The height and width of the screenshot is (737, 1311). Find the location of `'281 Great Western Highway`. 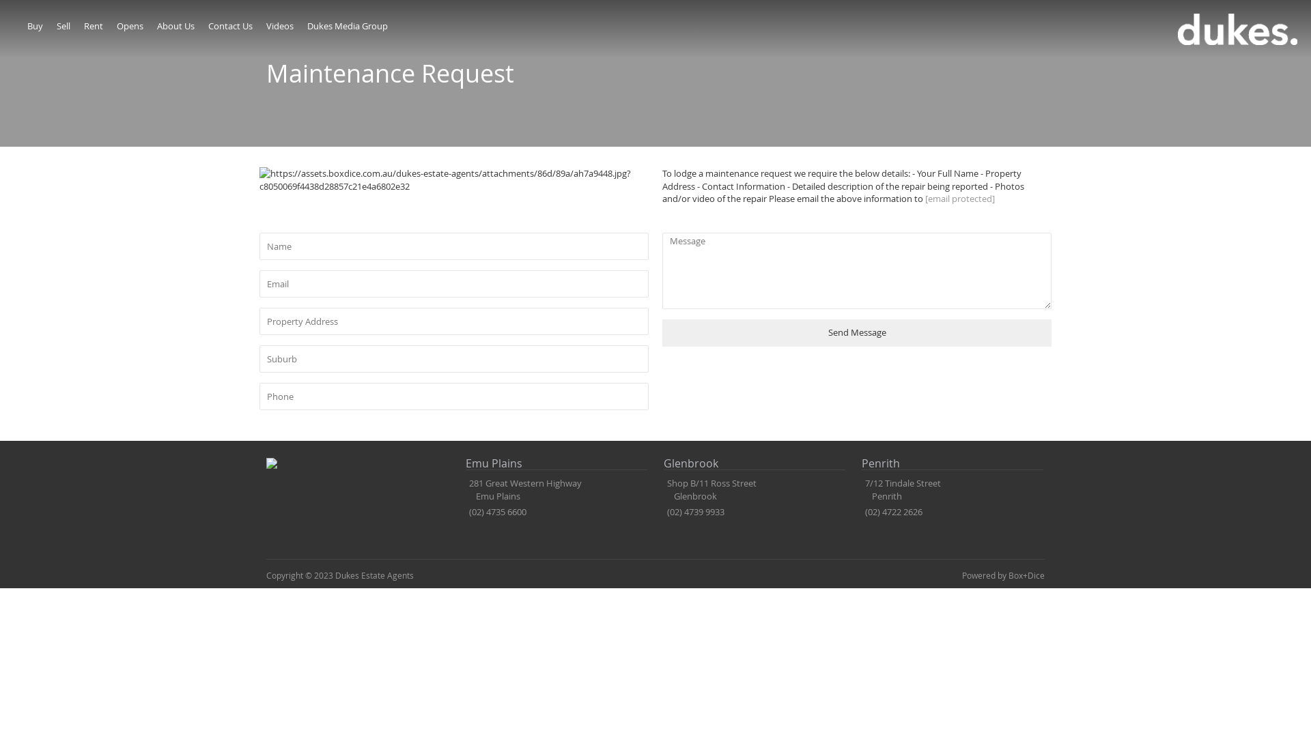

'281 Great Western Highway is located at coordinates (523, 489).